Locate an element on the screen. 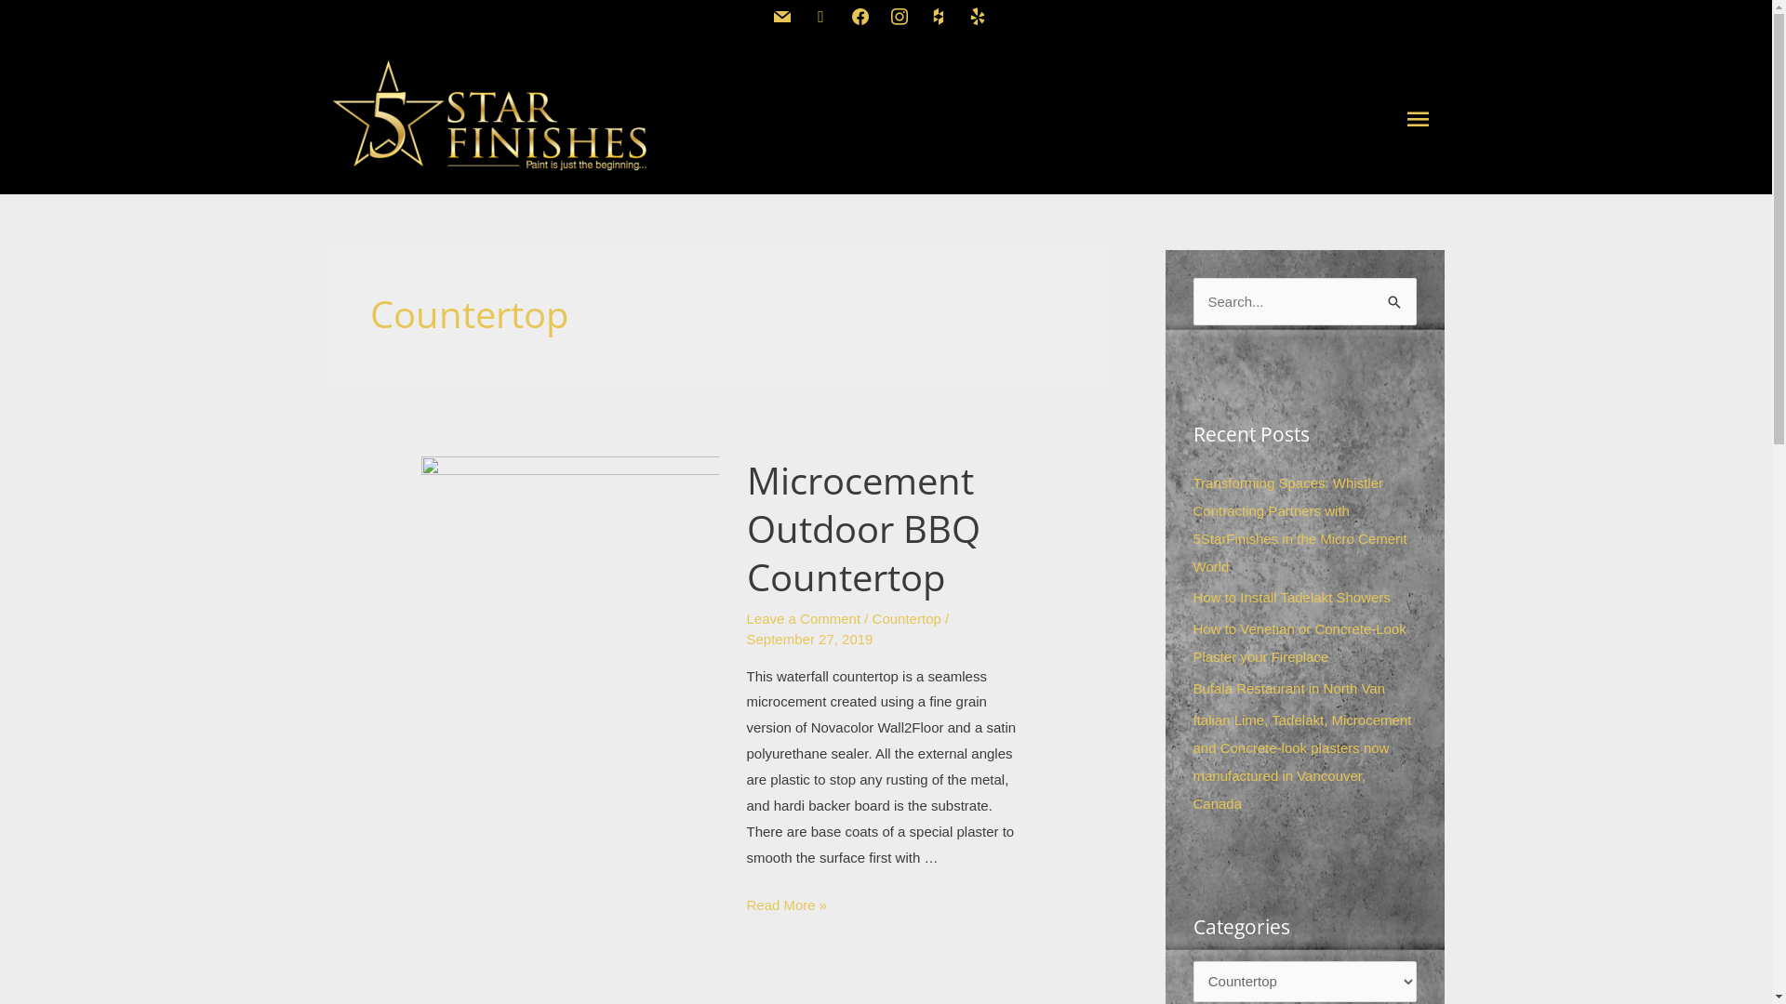 This screenshot has width=1786, height=1004. 'Search' is located at coordinates (1395, 296).